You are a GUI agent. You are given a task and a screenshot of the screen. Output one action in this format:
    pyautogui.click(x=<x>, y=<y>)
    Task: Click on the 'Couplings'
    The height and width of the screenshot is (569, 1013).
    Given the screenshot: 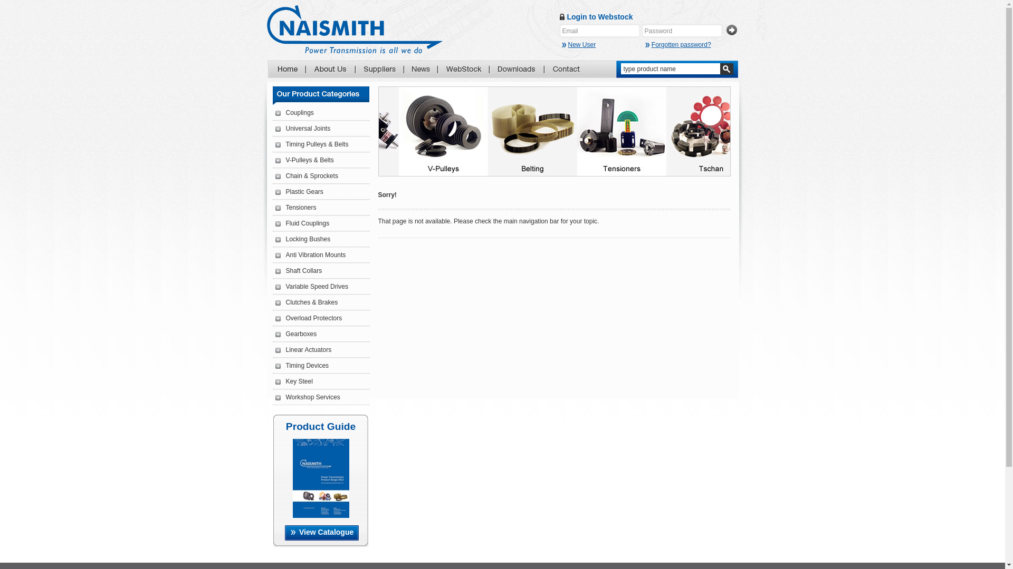 What is the action you would take?
    pyautogui.click(x=294, y=112)
    